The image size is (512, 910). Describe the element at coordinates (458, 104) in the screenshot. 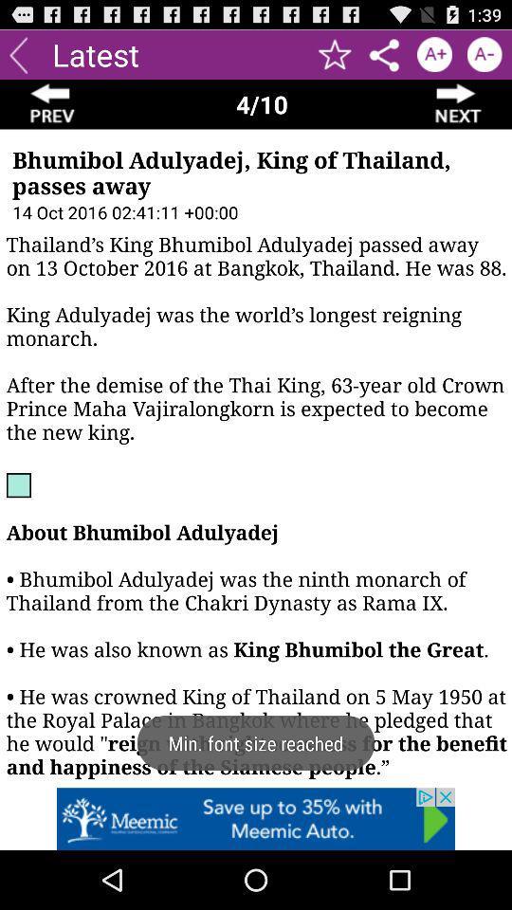

I see `next button` at that location.